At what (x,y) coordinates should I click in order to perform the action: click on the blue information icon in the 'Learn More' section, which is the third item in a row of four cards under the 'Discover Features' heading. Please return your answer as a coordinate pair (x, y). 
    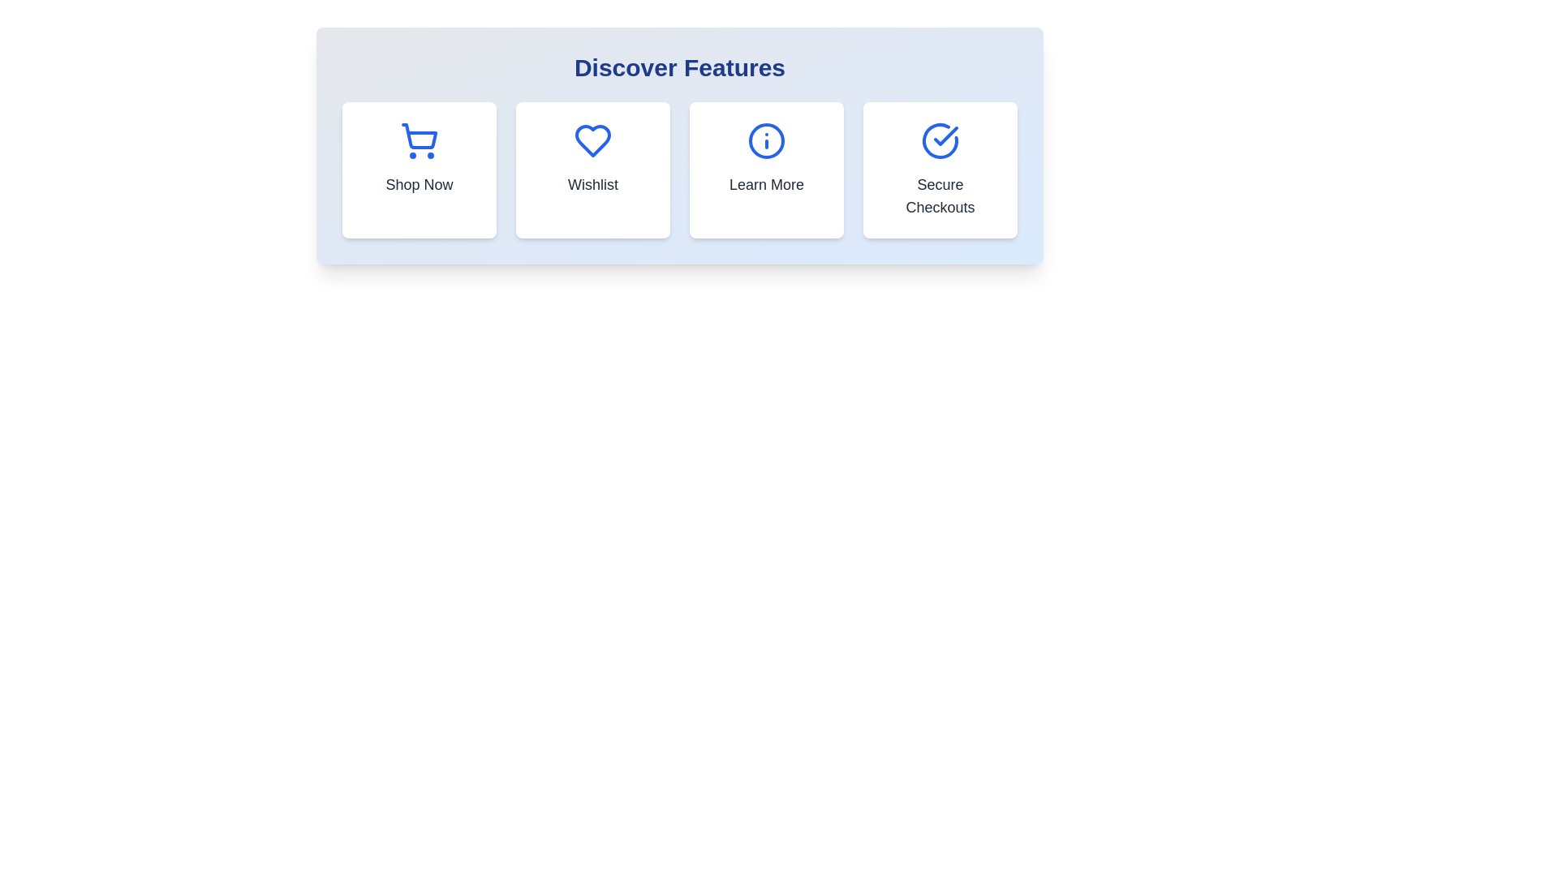
    Looking at the image, I should click on (766, 140).